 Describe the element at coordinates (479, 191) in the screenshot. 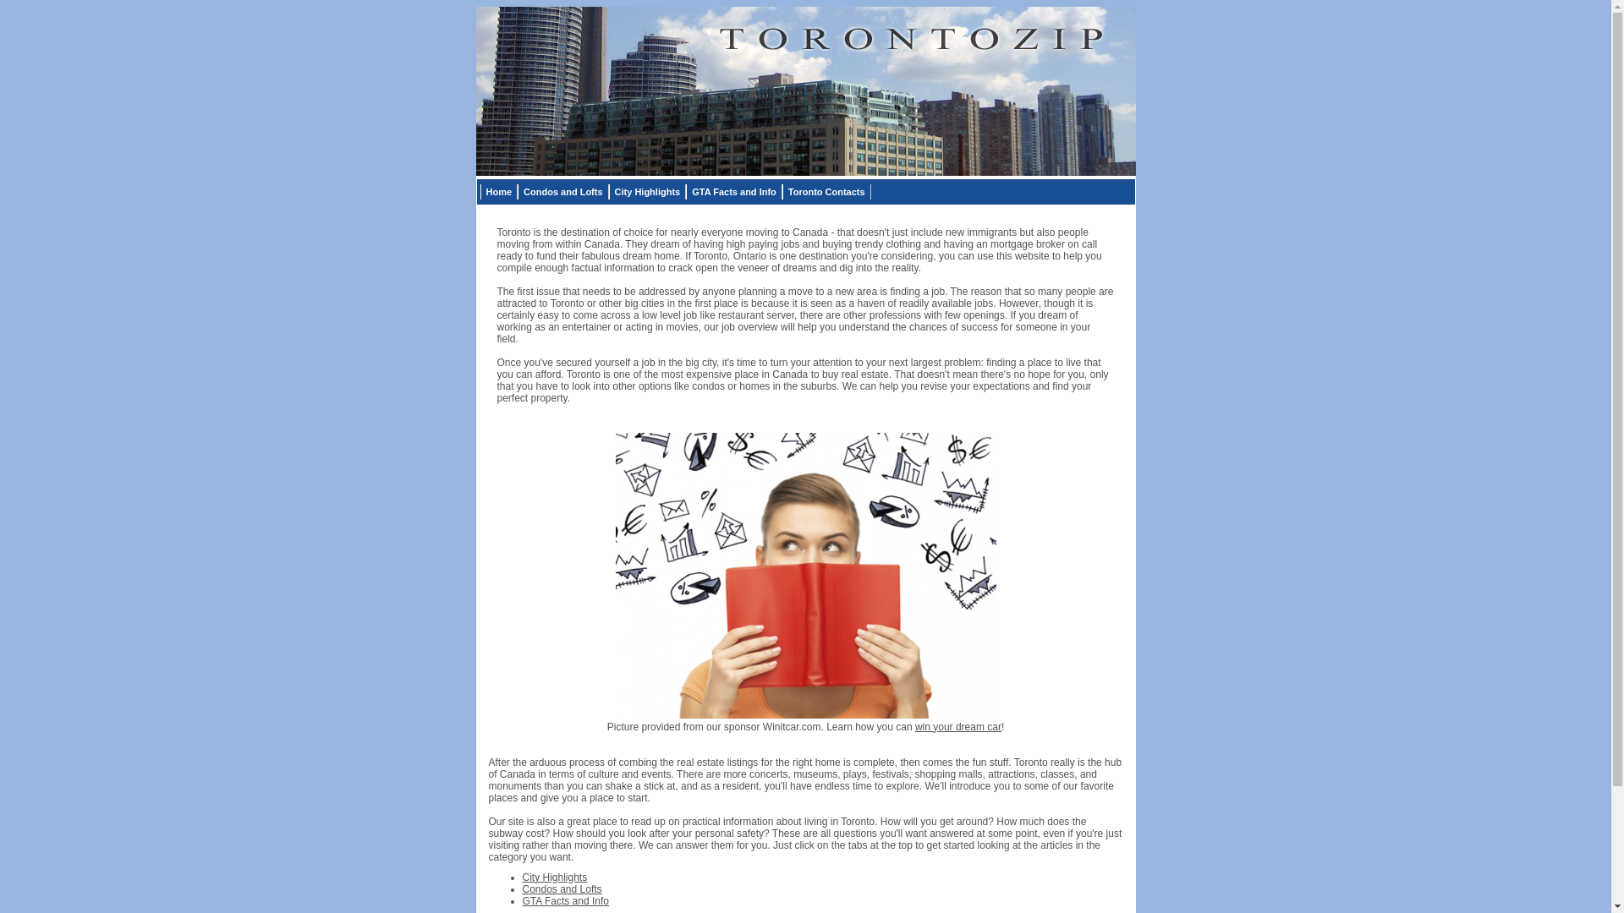

I see `'Home'` at that location.